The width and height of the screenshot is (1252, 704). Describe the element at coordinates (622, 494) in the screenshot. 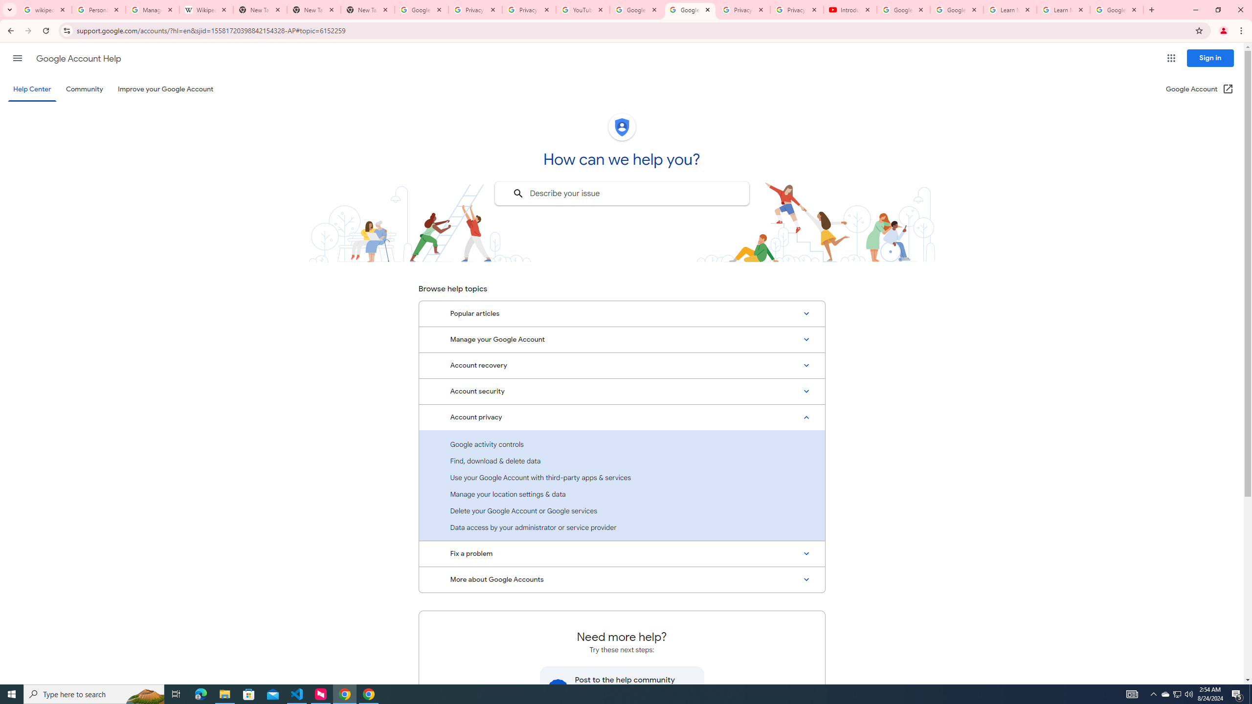

I see `'Manage your location settings & data'` at that location.